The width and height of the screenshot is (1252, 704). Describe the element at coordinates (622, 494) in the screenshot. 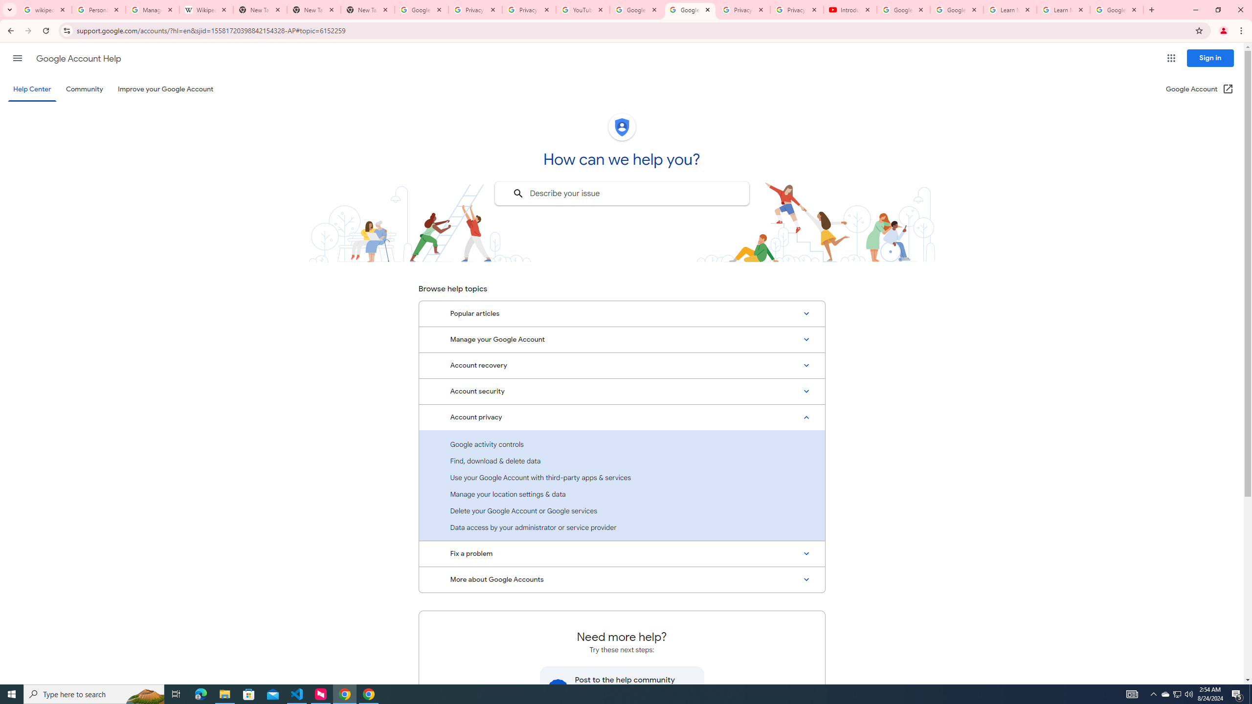

I see `'Manage your location settings & data'` at that location.